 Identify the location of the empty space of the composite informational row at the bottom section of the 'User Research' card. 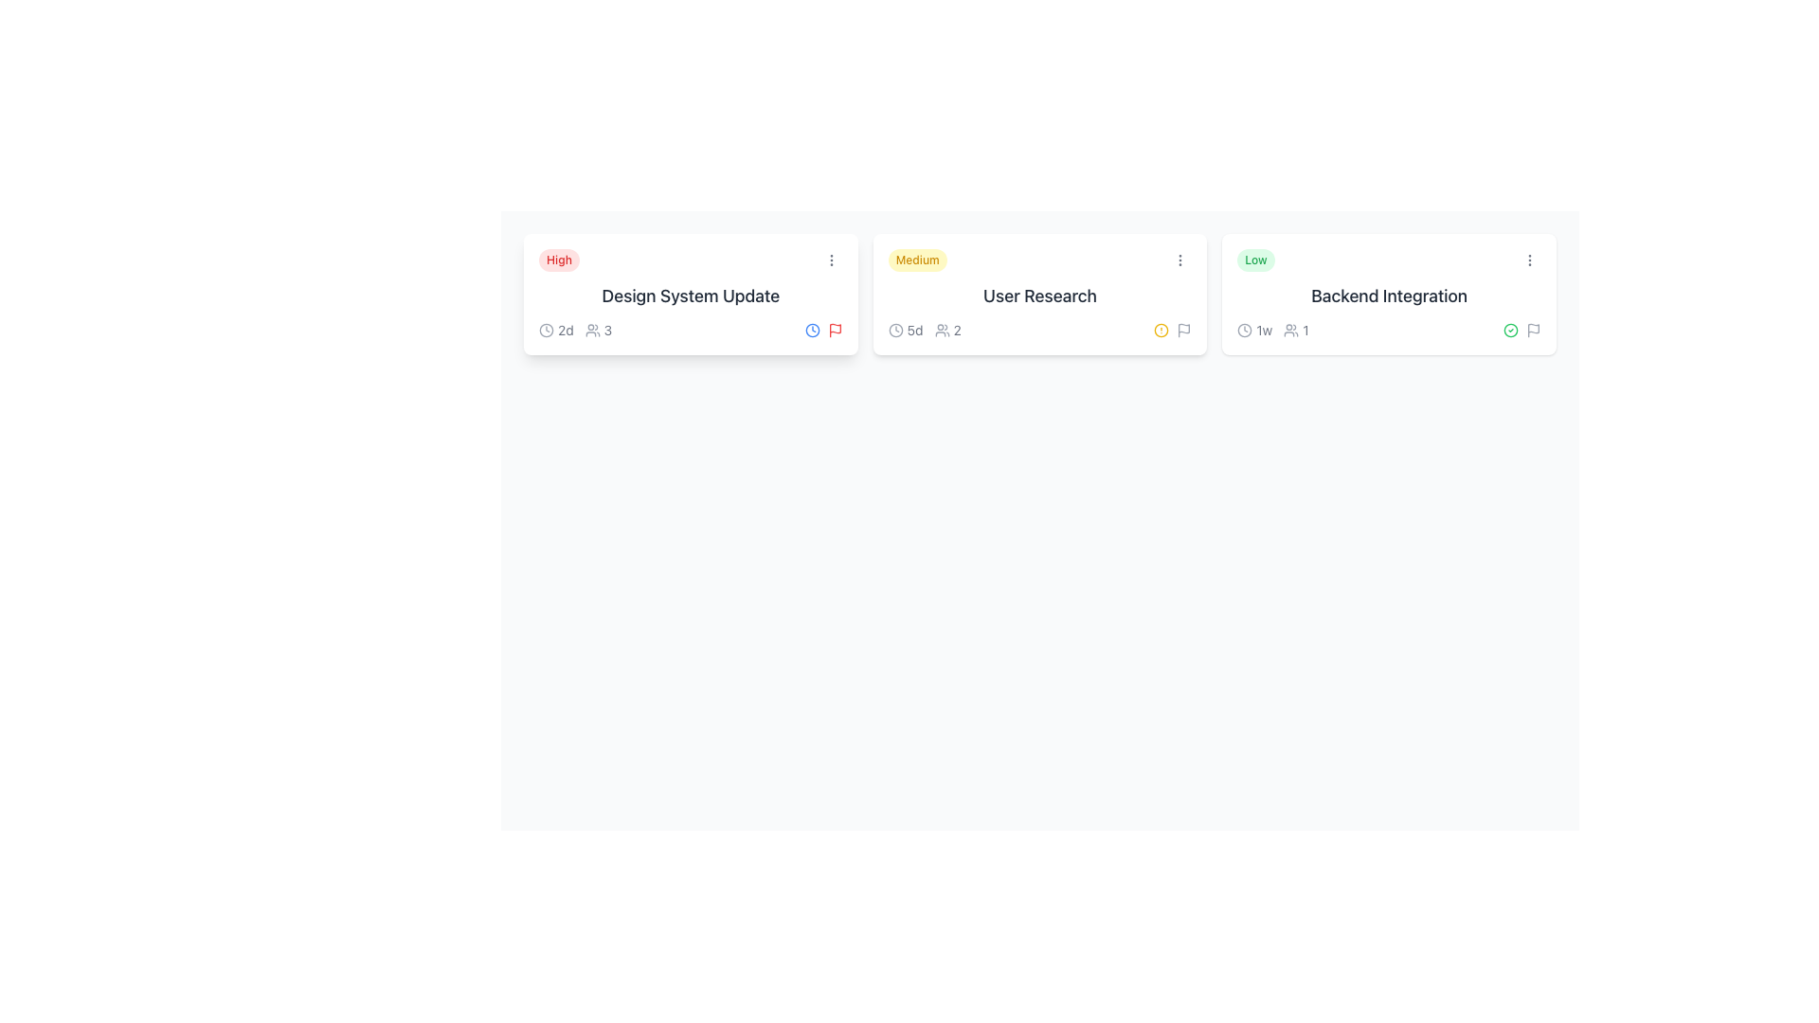
(1039, 329).